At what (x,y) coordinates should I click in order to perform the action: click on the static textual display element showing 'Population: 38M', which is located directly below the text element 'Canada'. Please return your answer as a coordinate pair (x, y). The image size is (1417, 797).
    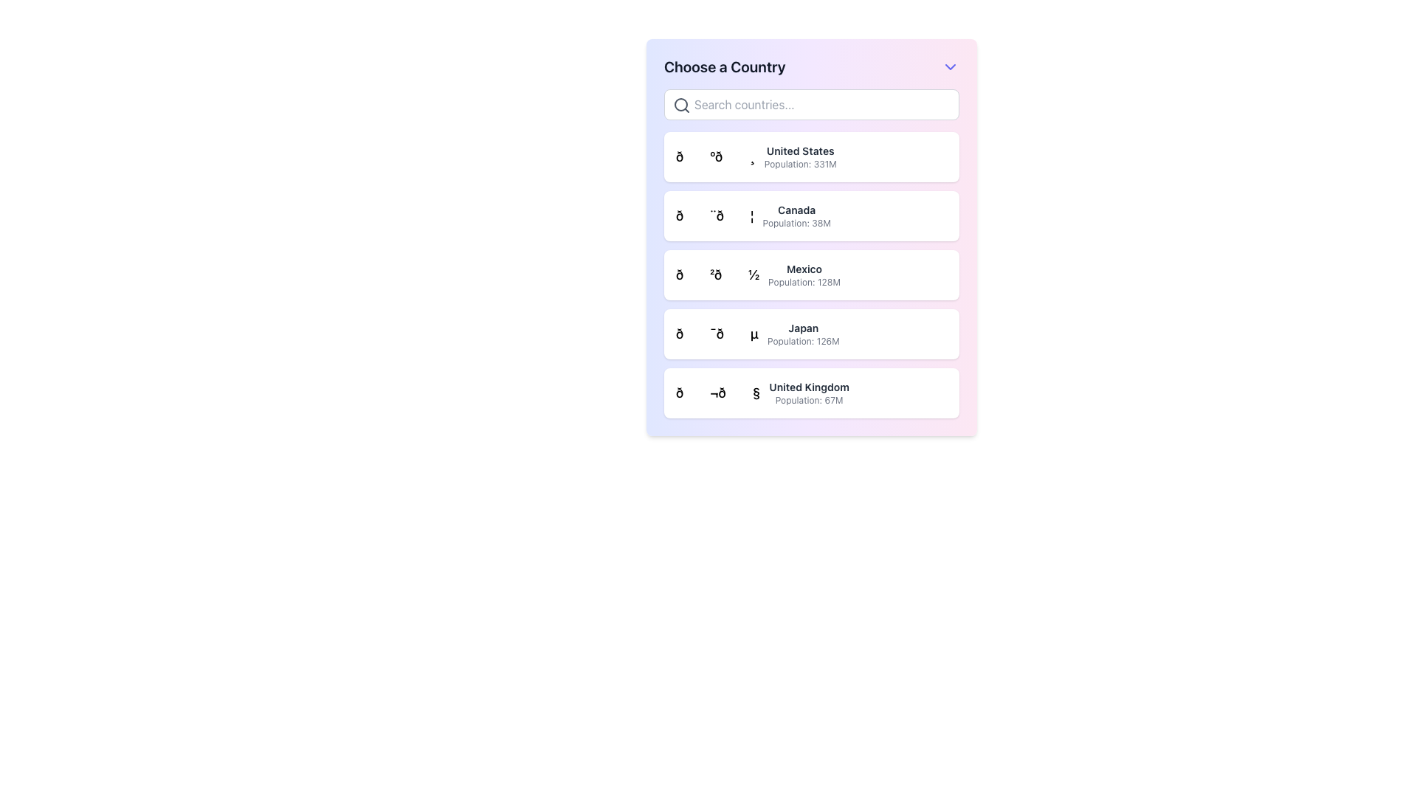
    Looking at the image, I should click on (796, 224).